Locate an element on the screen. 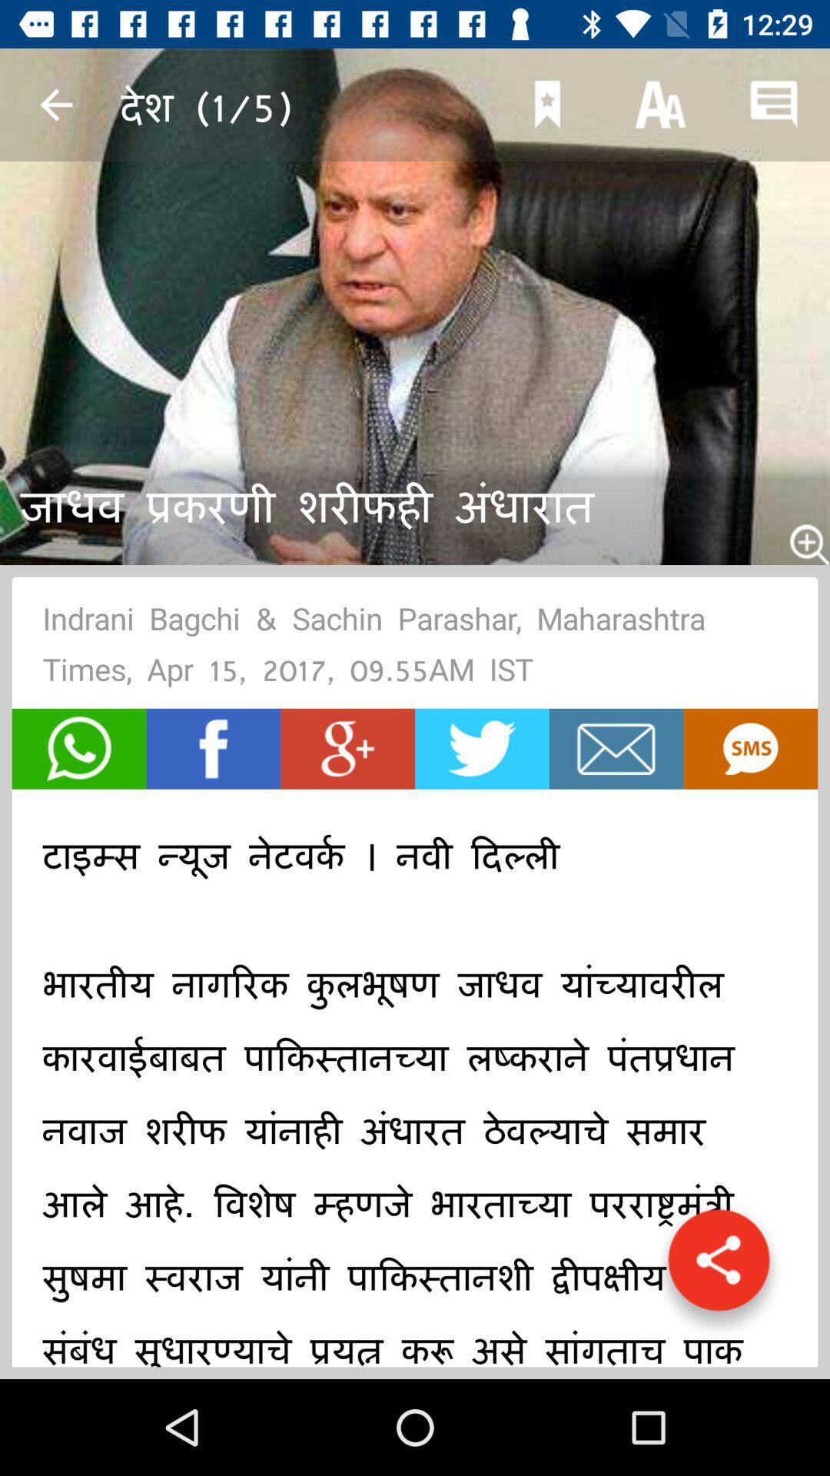 The image size is (830, 1476). tweet article is located at coordinates (481, 749).